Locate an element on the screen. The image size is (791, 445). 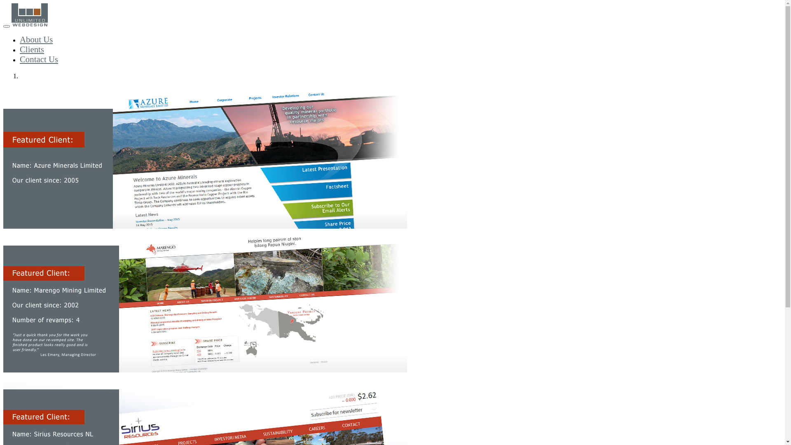
'Contact Us' is located at coordinates (20, 59).